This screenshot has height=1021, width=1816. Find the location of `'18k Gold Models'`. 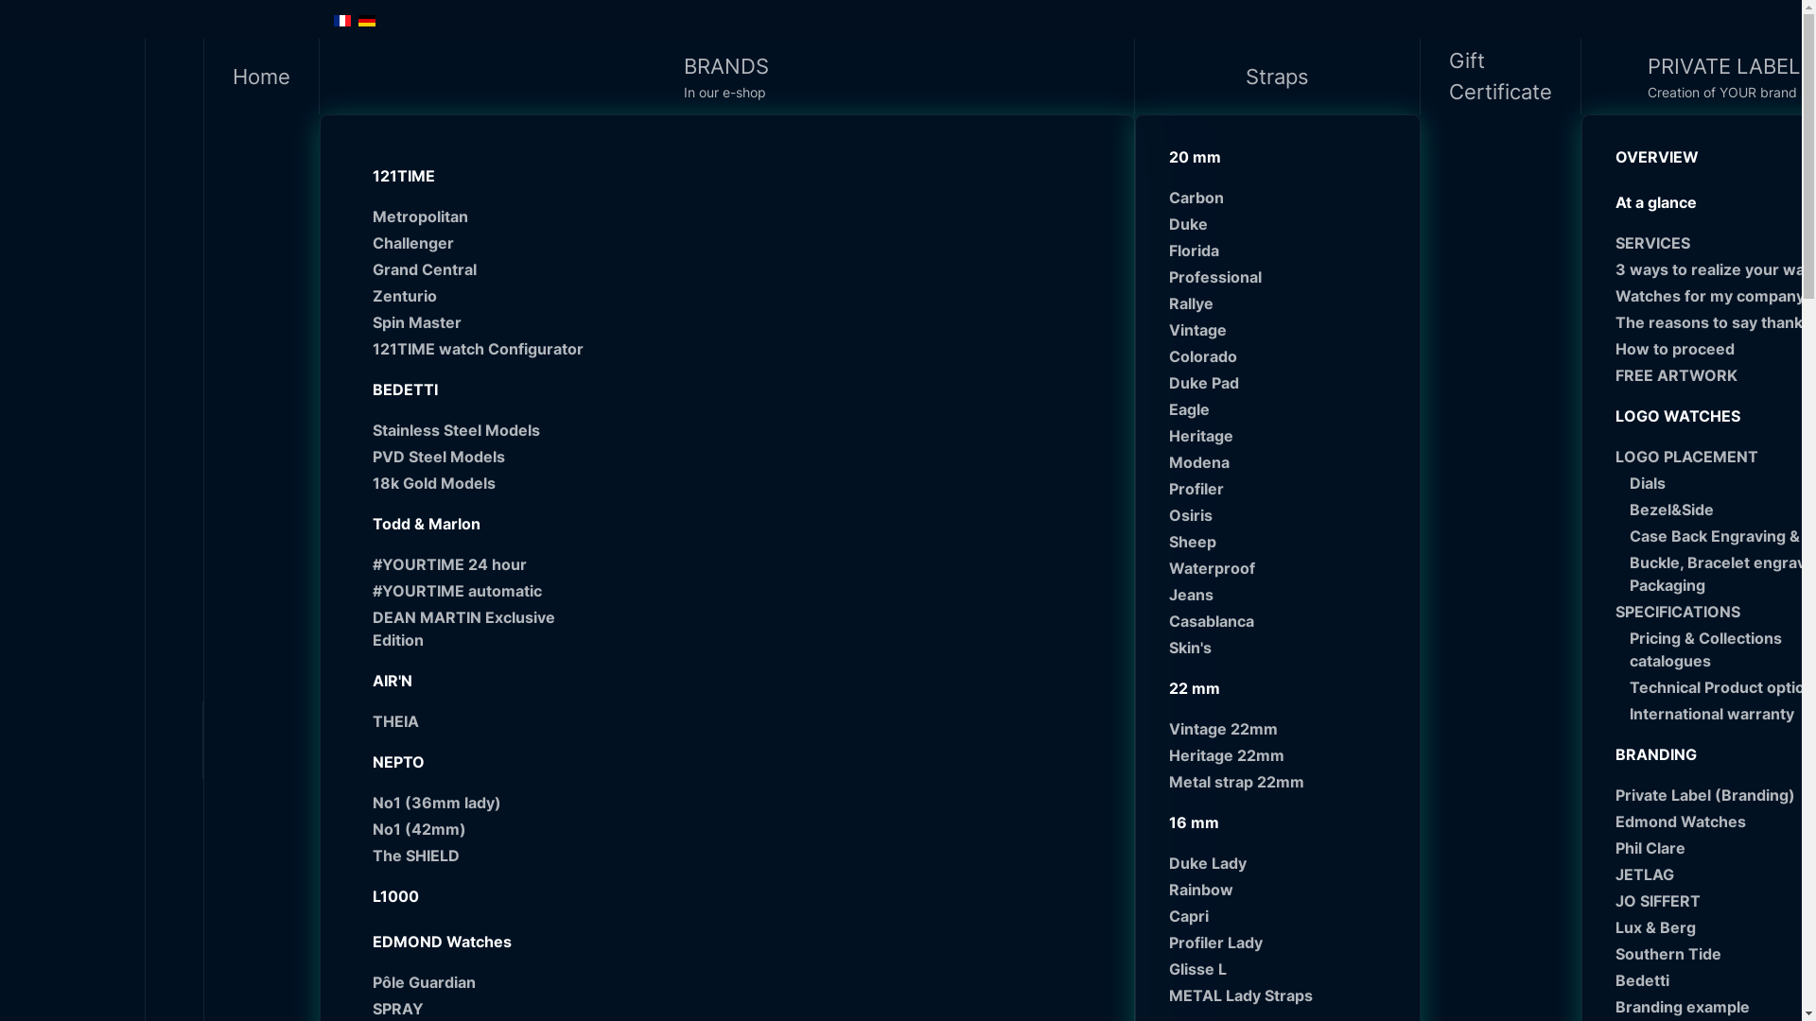

'18k Gold Models' is located at coordinates (479, 481).